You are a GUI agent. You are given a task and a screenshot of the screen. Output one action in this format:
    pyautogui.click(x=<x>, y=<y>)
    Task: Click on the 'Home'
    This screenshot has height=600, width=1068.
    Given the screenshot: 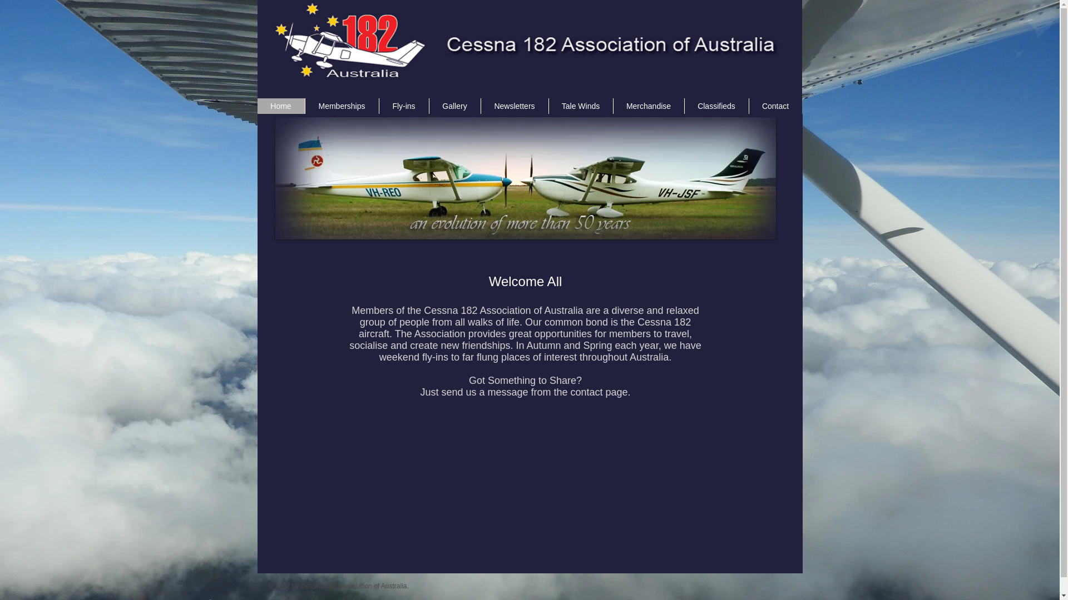 What is the action you would take?
    pyautogui.click(x=280, y=106)
    